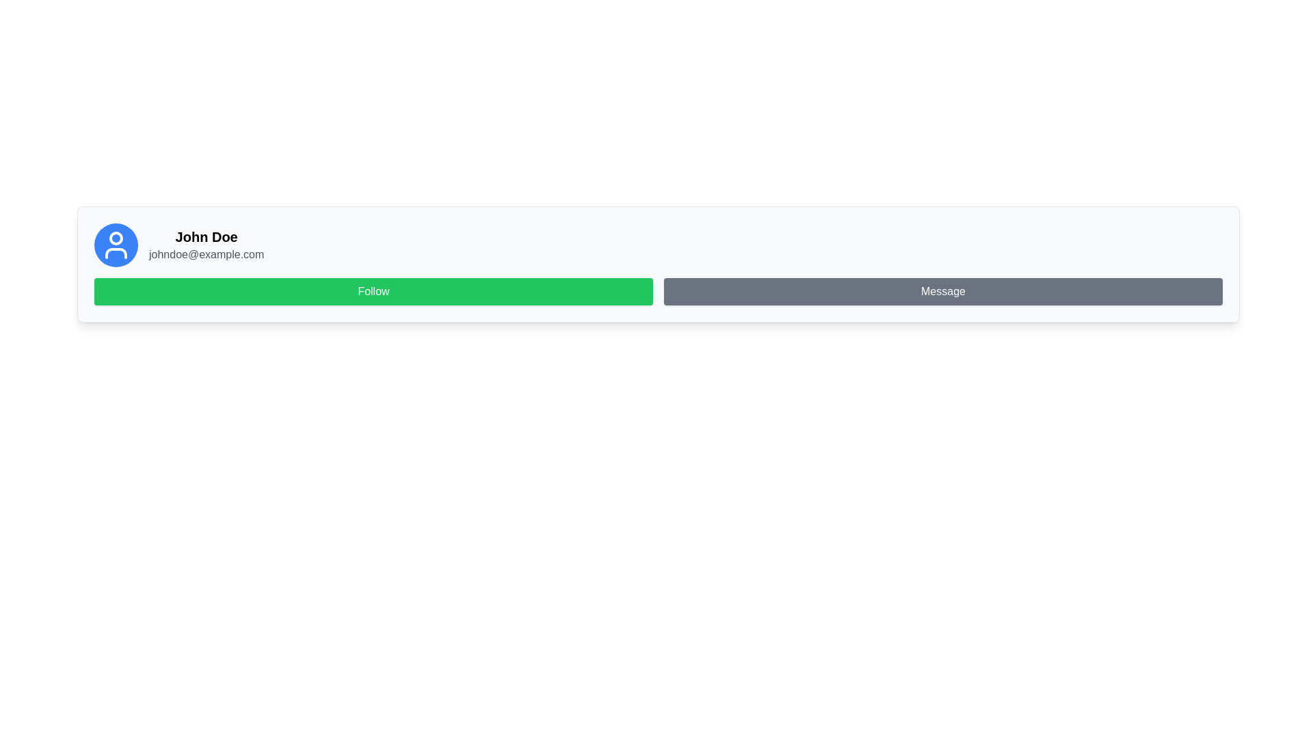  I want to click on the 'Follow' button which has a green background, rounded corners, and white text, located in the bottom section of the user profile card, so click(373, 291).